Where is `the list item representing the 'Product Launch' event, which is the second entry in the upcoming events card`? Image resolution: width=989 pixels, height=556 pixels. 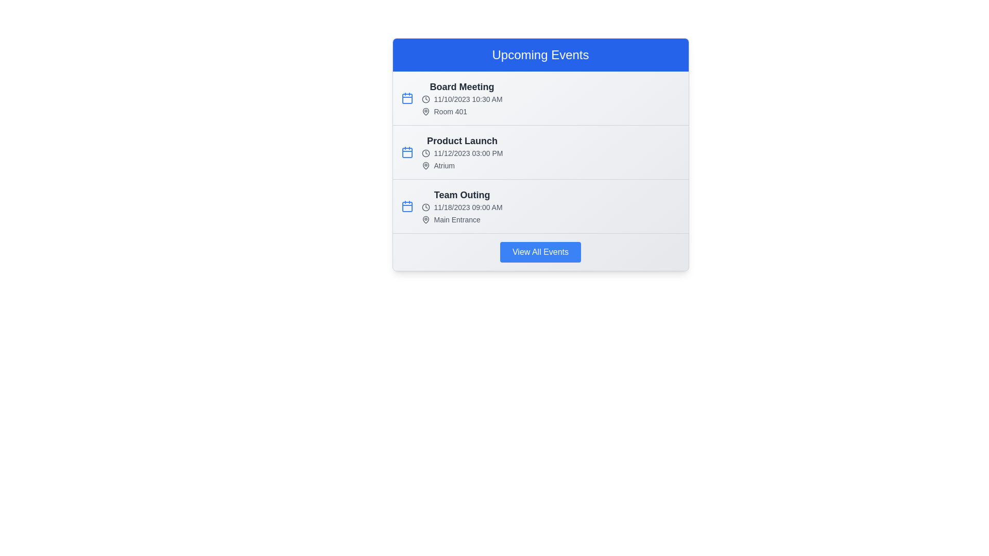
the list item representing the 'Product Launch' event, which is the second entry in the upcoming events card is located at coordinates (540, 154).